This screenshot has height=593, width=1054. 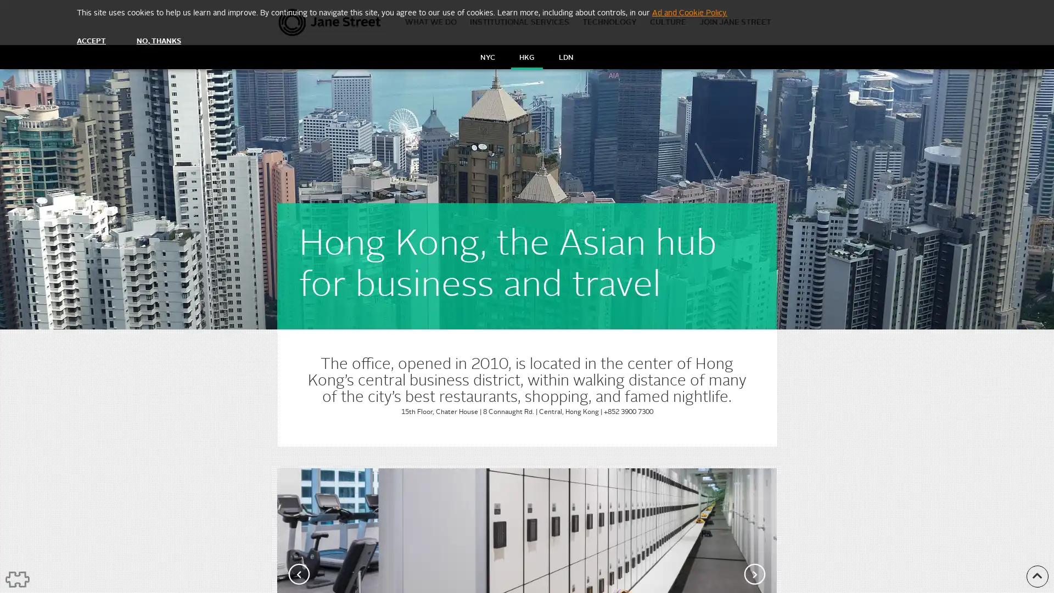 I want to click on deny cookies, so click(x=158, y=41).